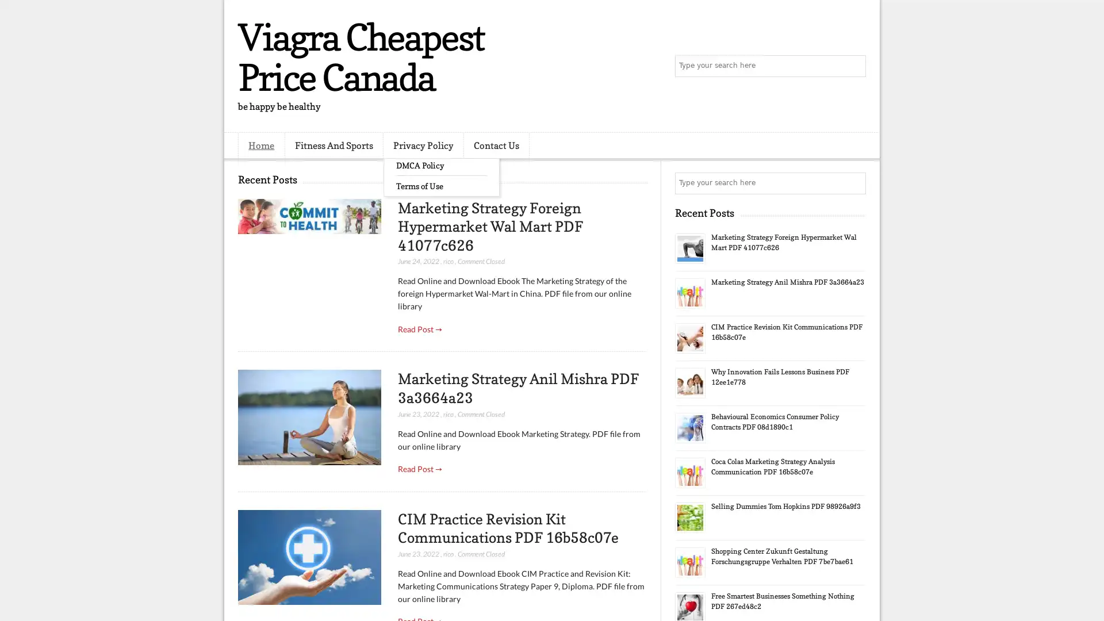  I want to click on Search, so click(854, 66).